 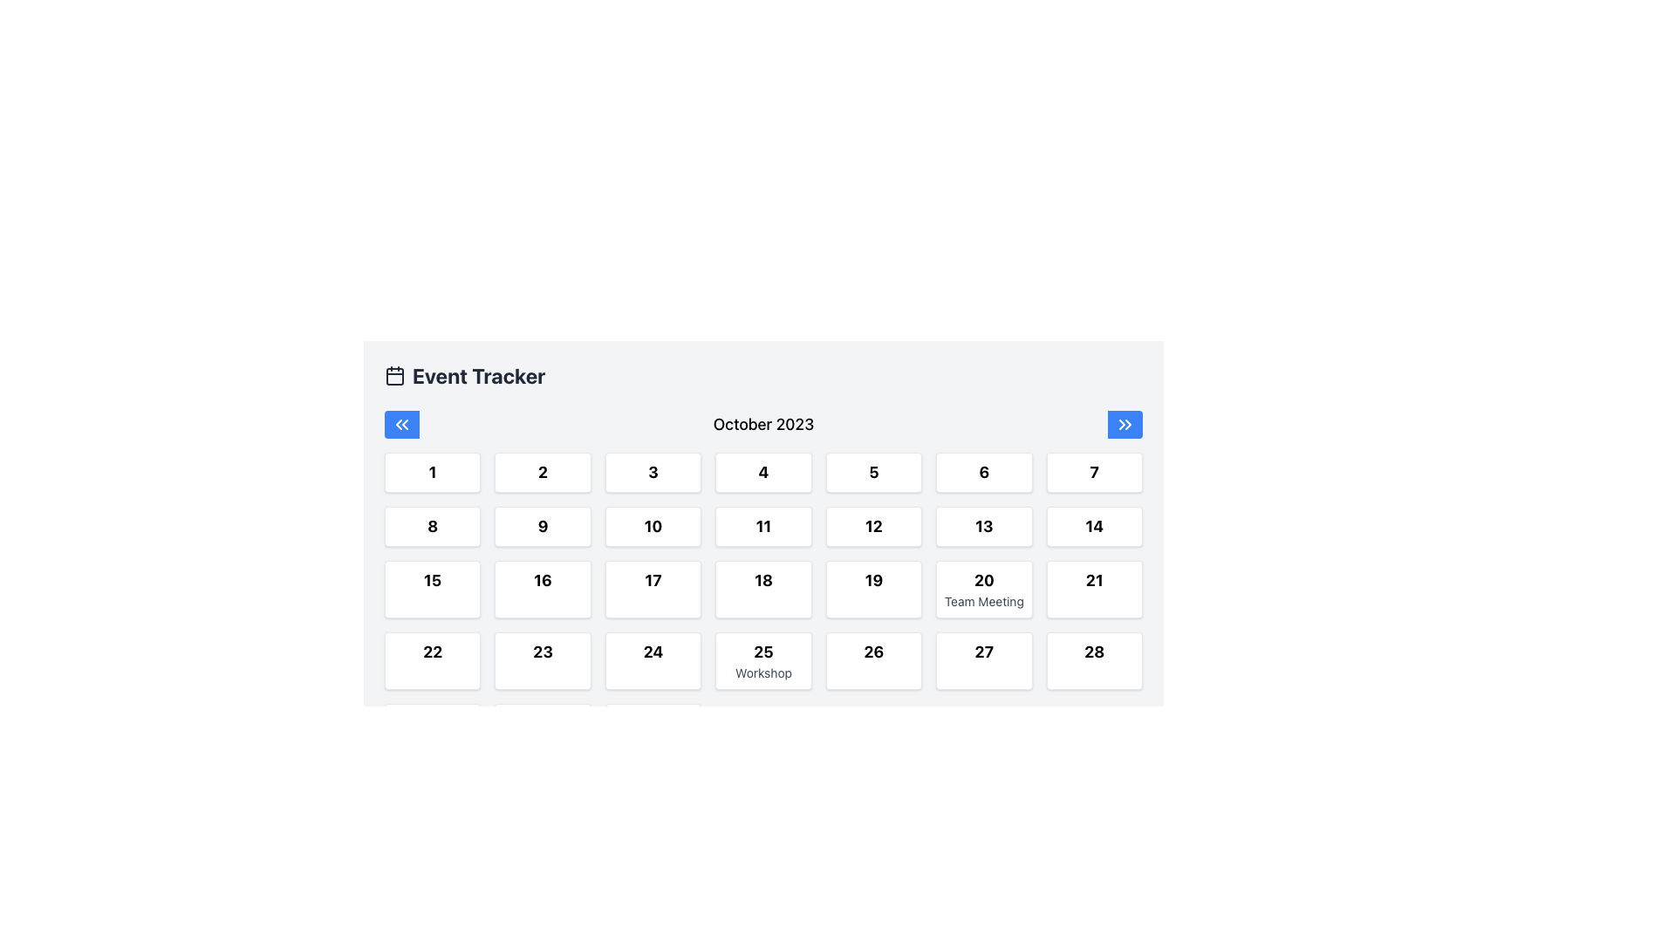 I want to click on the calendar day cell displaying the date '5', so click(x=873, y=473).